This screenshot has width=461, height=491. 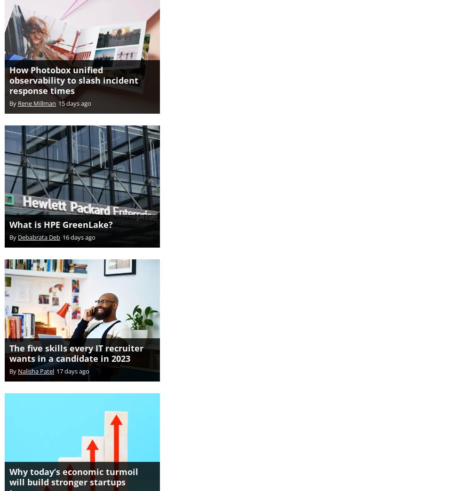 I want to click on 'The five skills every IT recruiter wants in a candidate in 2023', so click(x=76, y=343).